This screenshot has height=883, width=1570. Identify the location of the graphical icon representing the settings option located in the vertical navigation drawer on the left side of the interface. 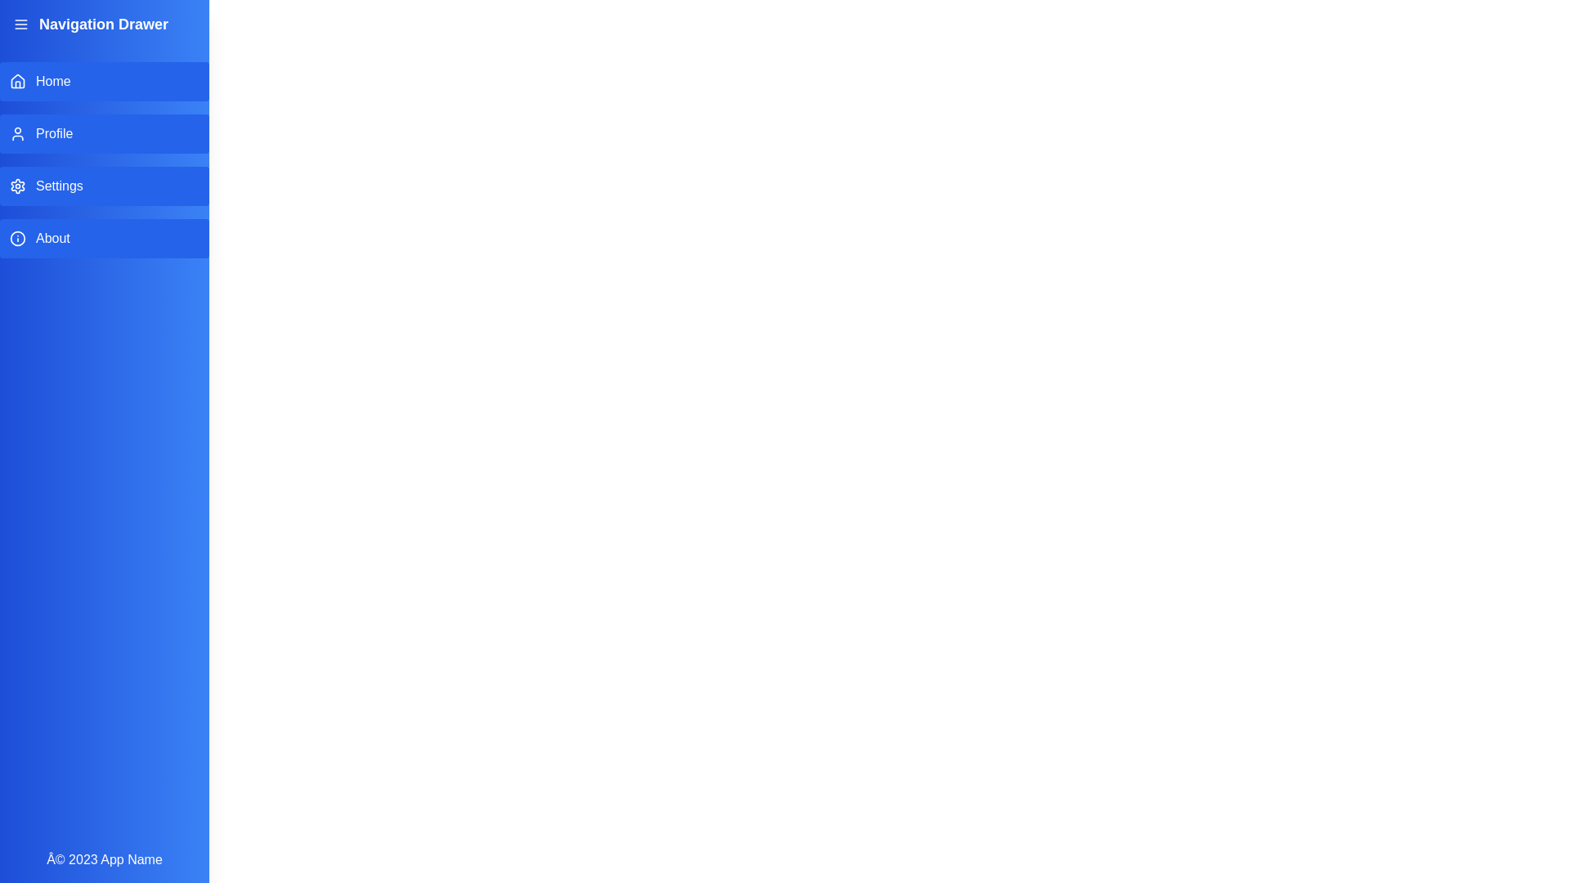
(18, 185).